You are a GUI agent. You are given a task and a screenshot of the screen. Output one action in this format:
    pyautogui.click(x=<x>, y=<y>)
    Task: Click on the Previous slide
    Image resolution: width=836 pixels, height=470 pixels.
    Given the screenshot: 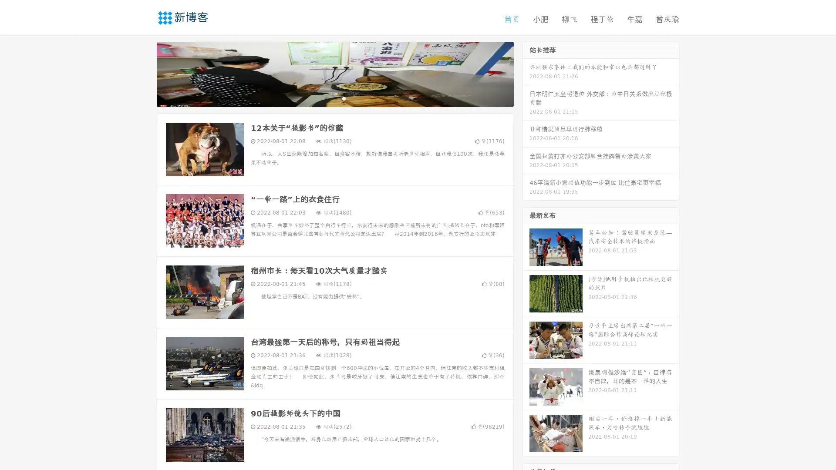 What is the action you would take?
    pyautogui.click(x=144, y=73)
    